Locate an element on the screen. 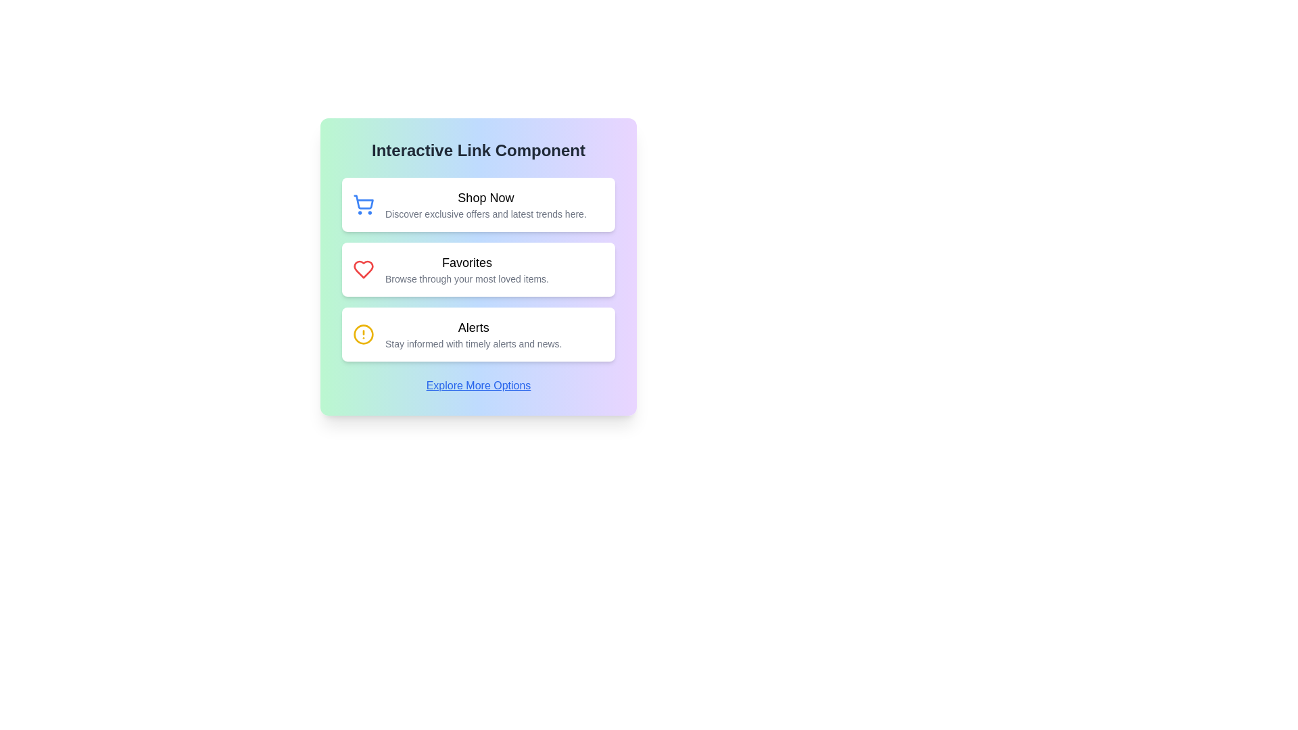 This screenshot has width=1298, height=730. the second clickable card in the vertical stack, positioned below 'Shop Now' and above 'Alerts', within the 'Interactive Link Component' is located at coordinates (479, 269).